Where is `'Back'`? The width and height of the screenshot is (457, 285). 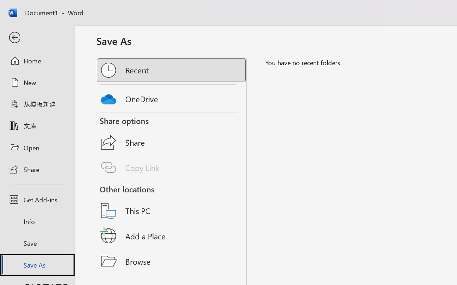
'Back' is located at coordinates (37, 37).